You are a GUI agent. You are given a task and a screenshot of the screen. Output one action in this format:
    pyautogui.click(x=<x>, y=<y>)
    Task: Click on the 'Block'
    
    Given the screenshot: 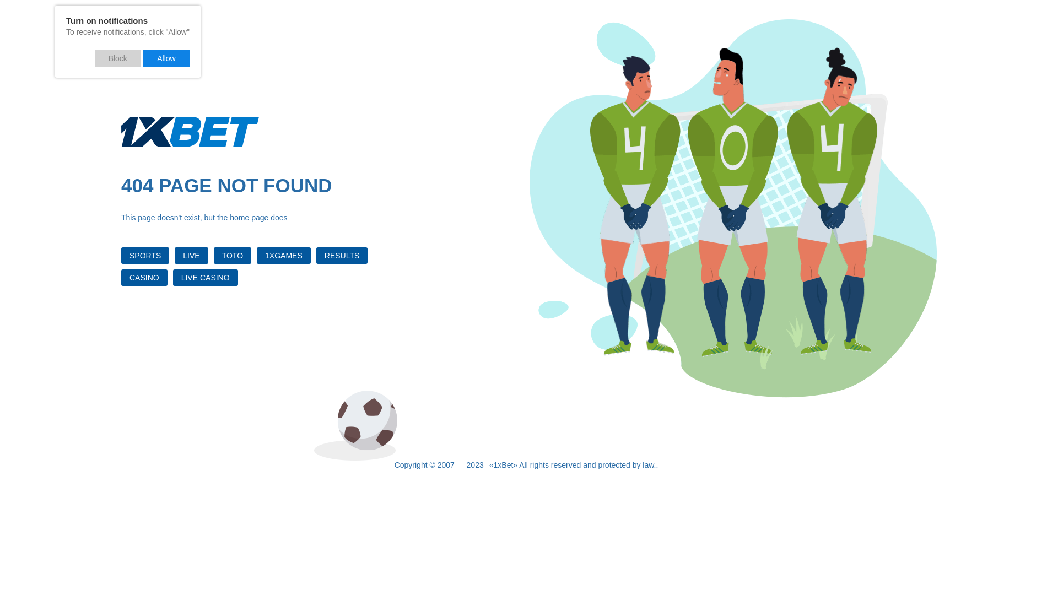 What is the action you would take?
    pyautogui.click(x=118, y=58)
    